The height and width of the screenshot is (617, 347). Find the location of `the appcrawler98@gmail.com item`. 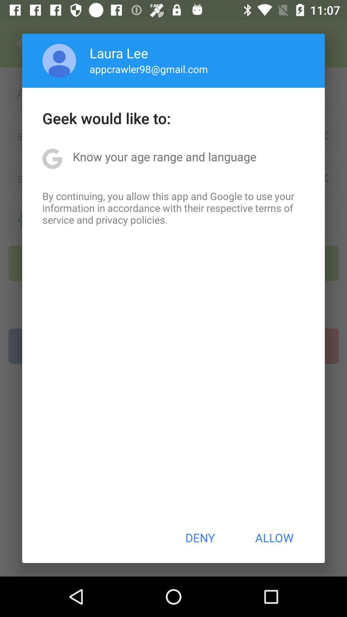

the appcrawler98@gmail.com item is located at coordinates (149, 69).